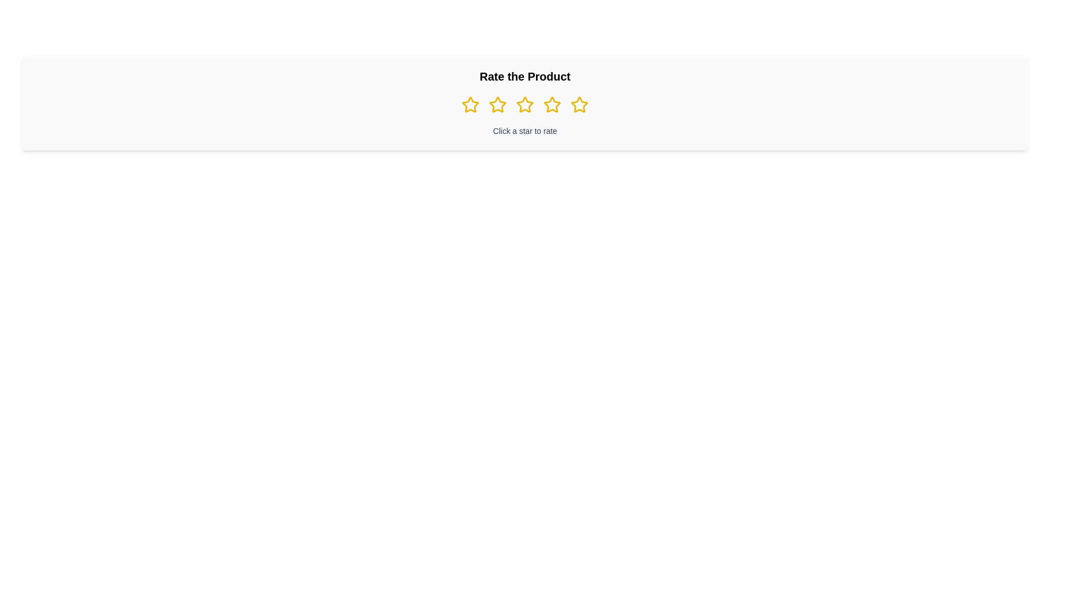 Image resolution: width=1090 pixels, height=613 pixels. I want to click on the fifth star icon in the rating system, which is a yellow outlined star with no fill, so click(580, 105).